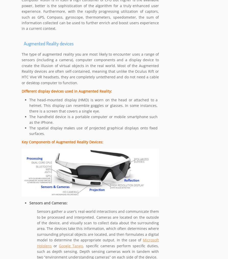 The image size is (228, 259). Describe the element at coordinates (48, 203) in the screenshot. I see `'Sensors and Cameras:'` at that location.